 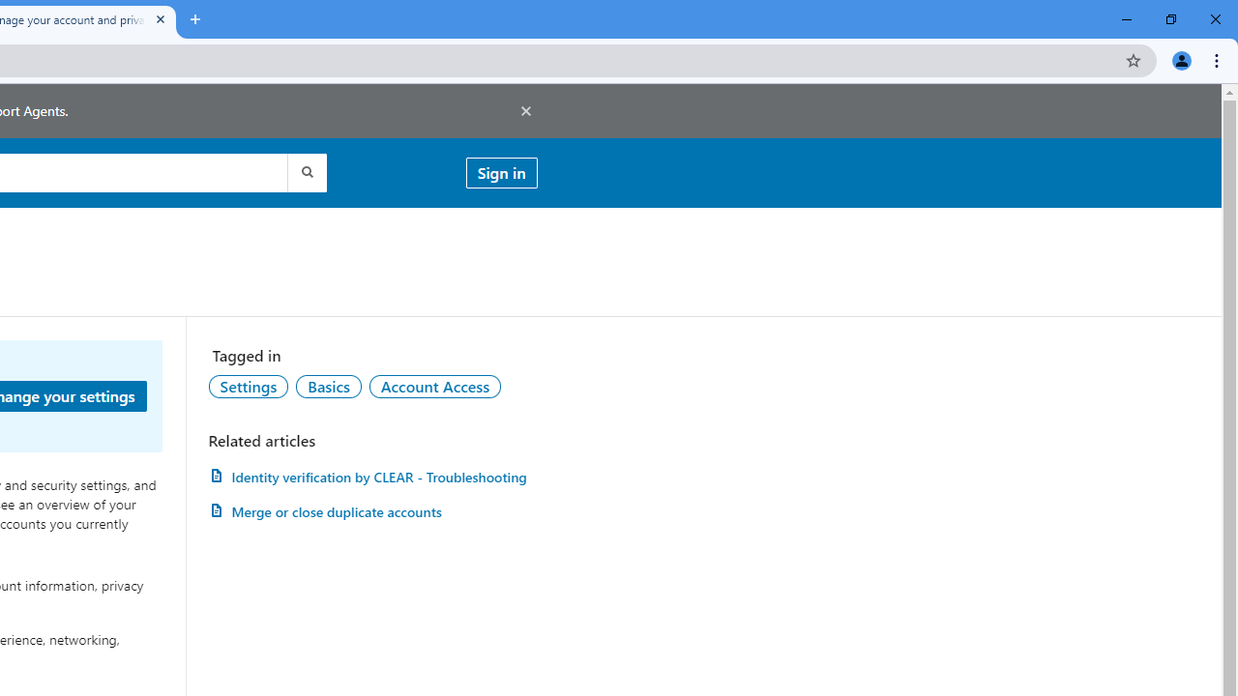 I want to click on 'Account Access', so click(x=433, y=386).